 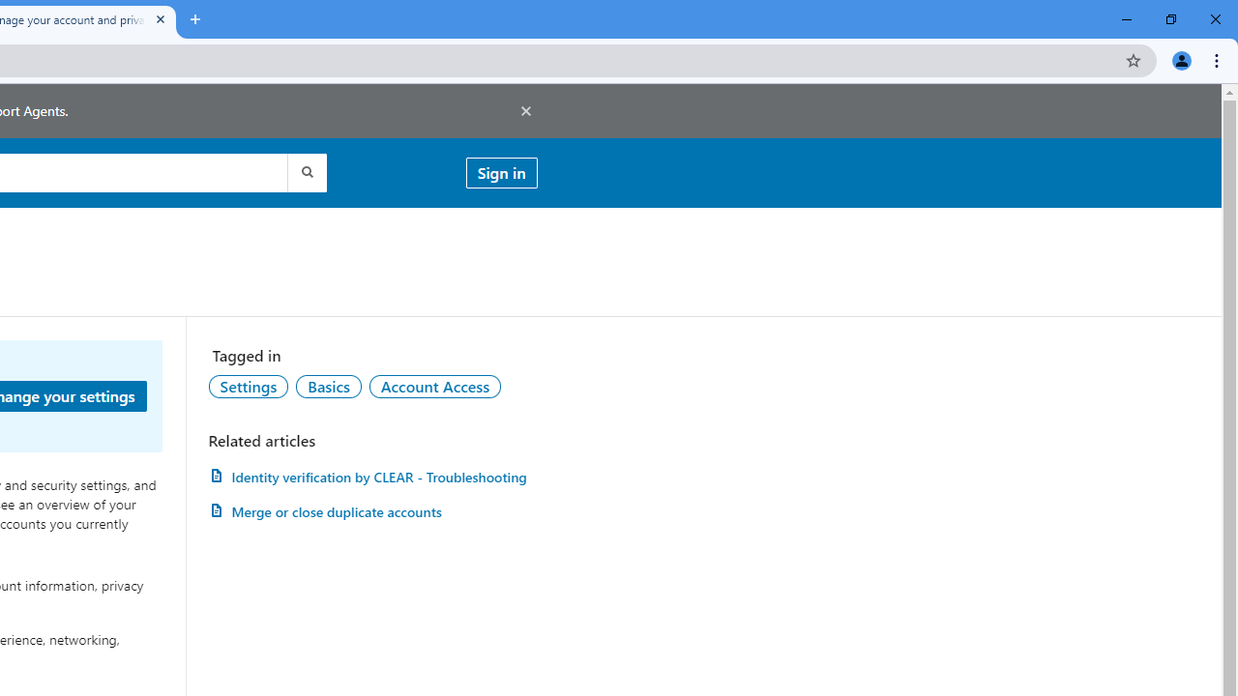 I want to click on 'Account Access', so click(x=433, y=386).